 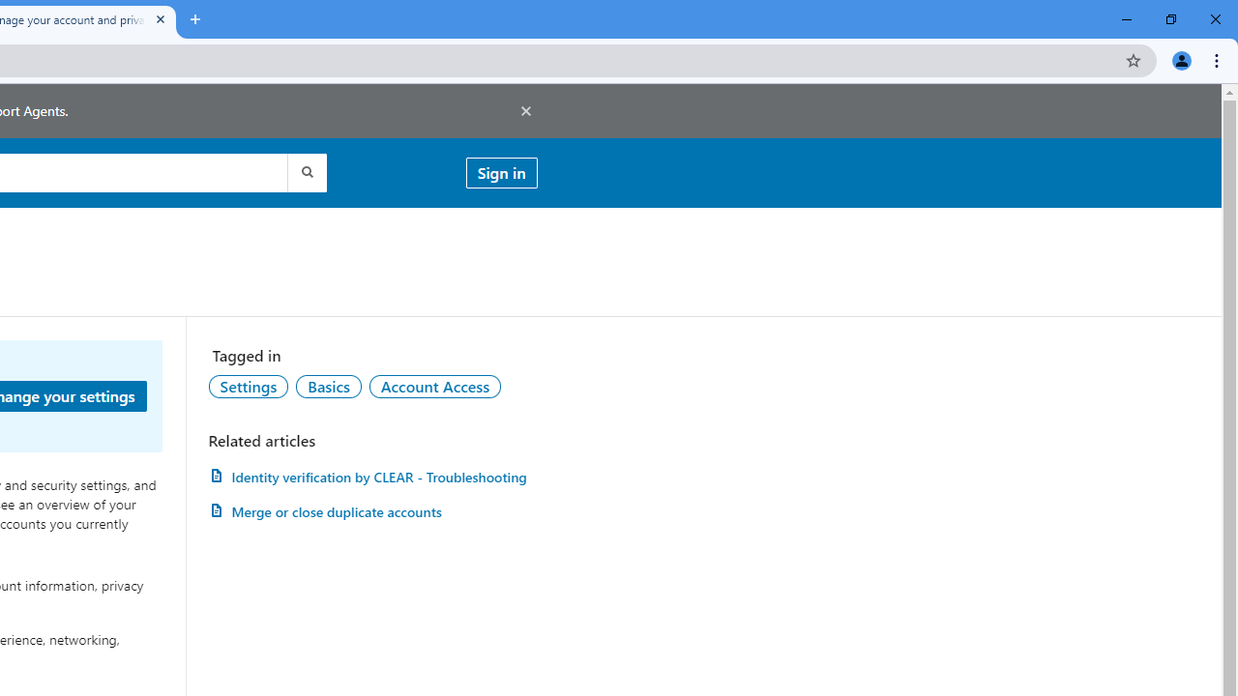 I want to click on 'Account Access', so click(x=433, y=386).